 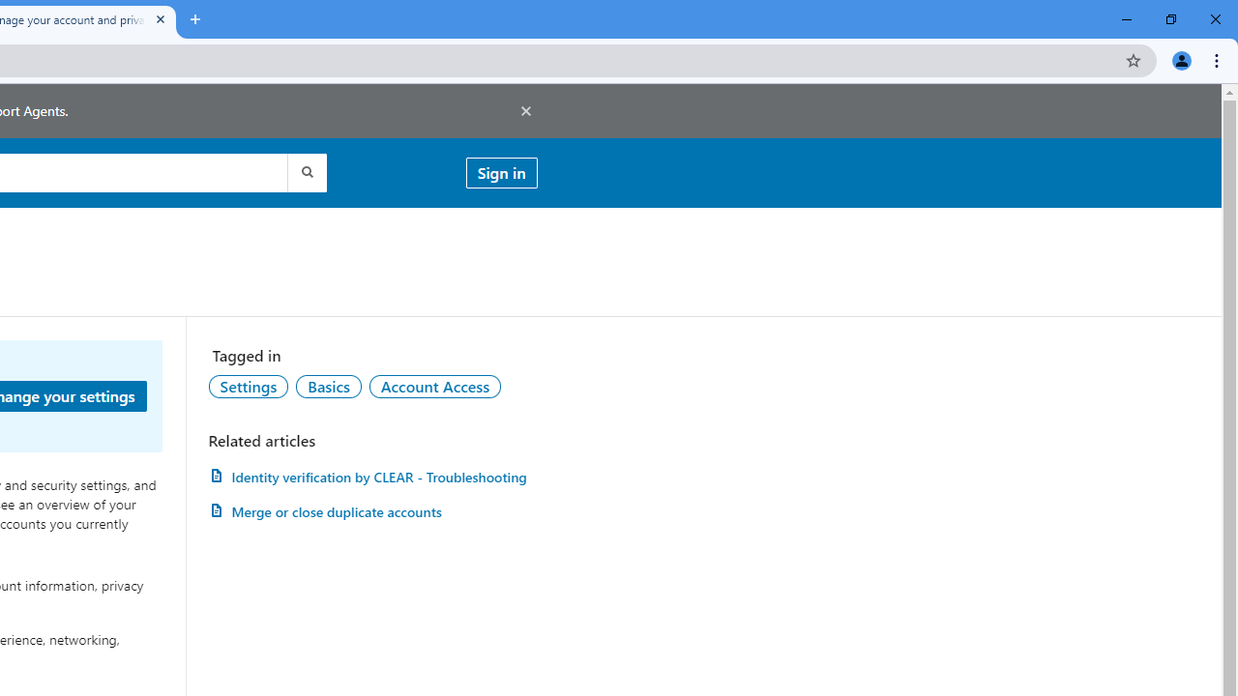 I want to click on 'Account Access', so click(x=433, y=386).